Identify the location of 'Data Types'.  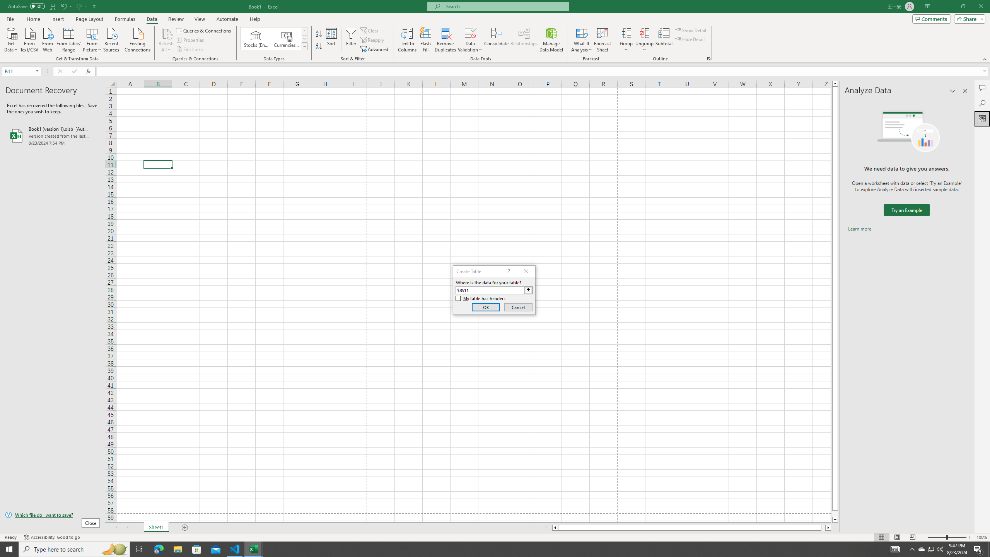
(304, 46).